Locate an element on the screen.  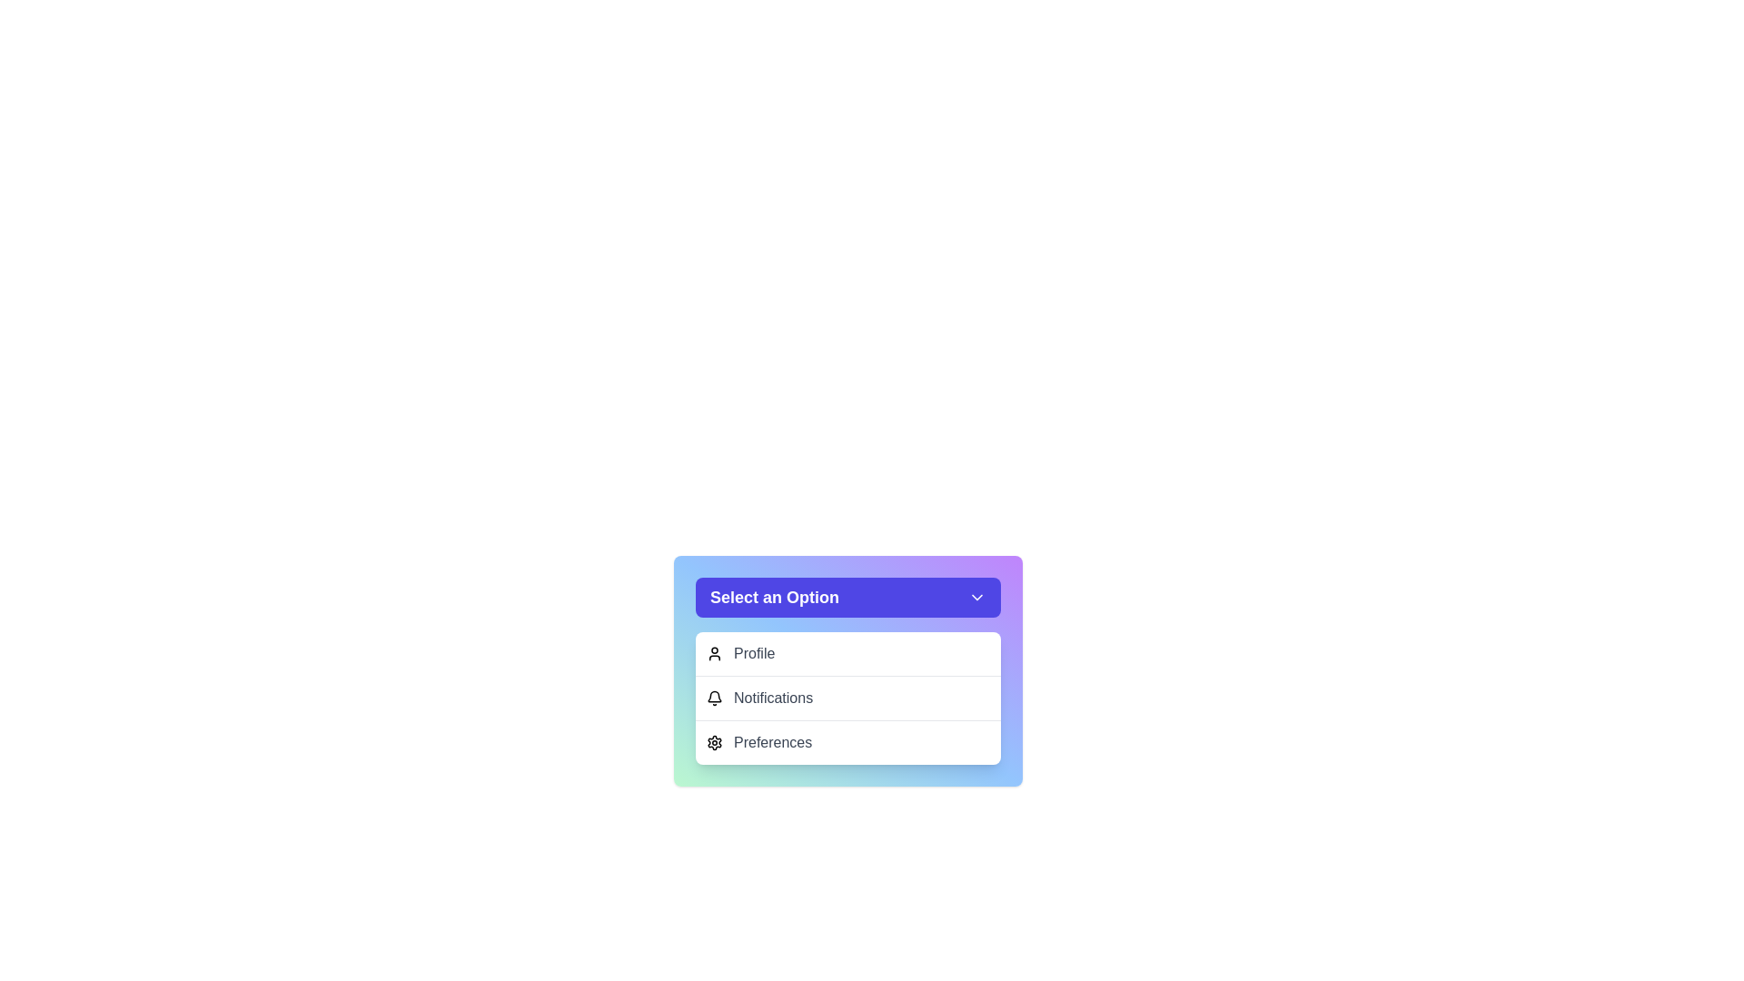
the dropdown button to toggle the menu visibility is located at coordinates (847, 598).